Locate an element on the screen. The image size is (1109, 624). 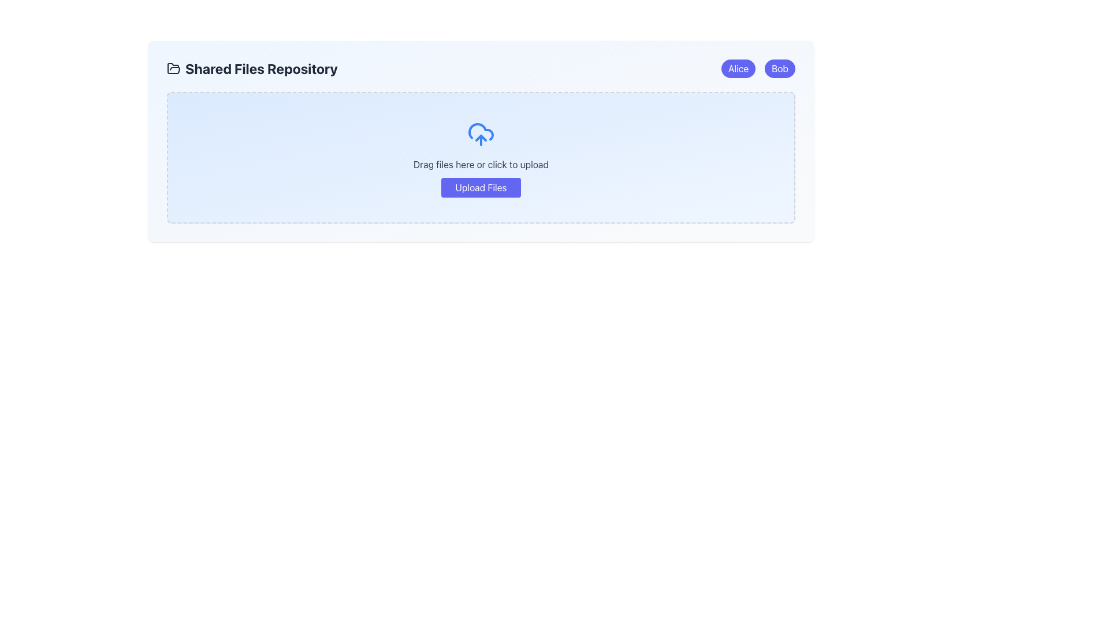
the interactive upload area that contains the text 'Drag files here or click to upload' and the blue upload icon is located at coordinates (481, 158).